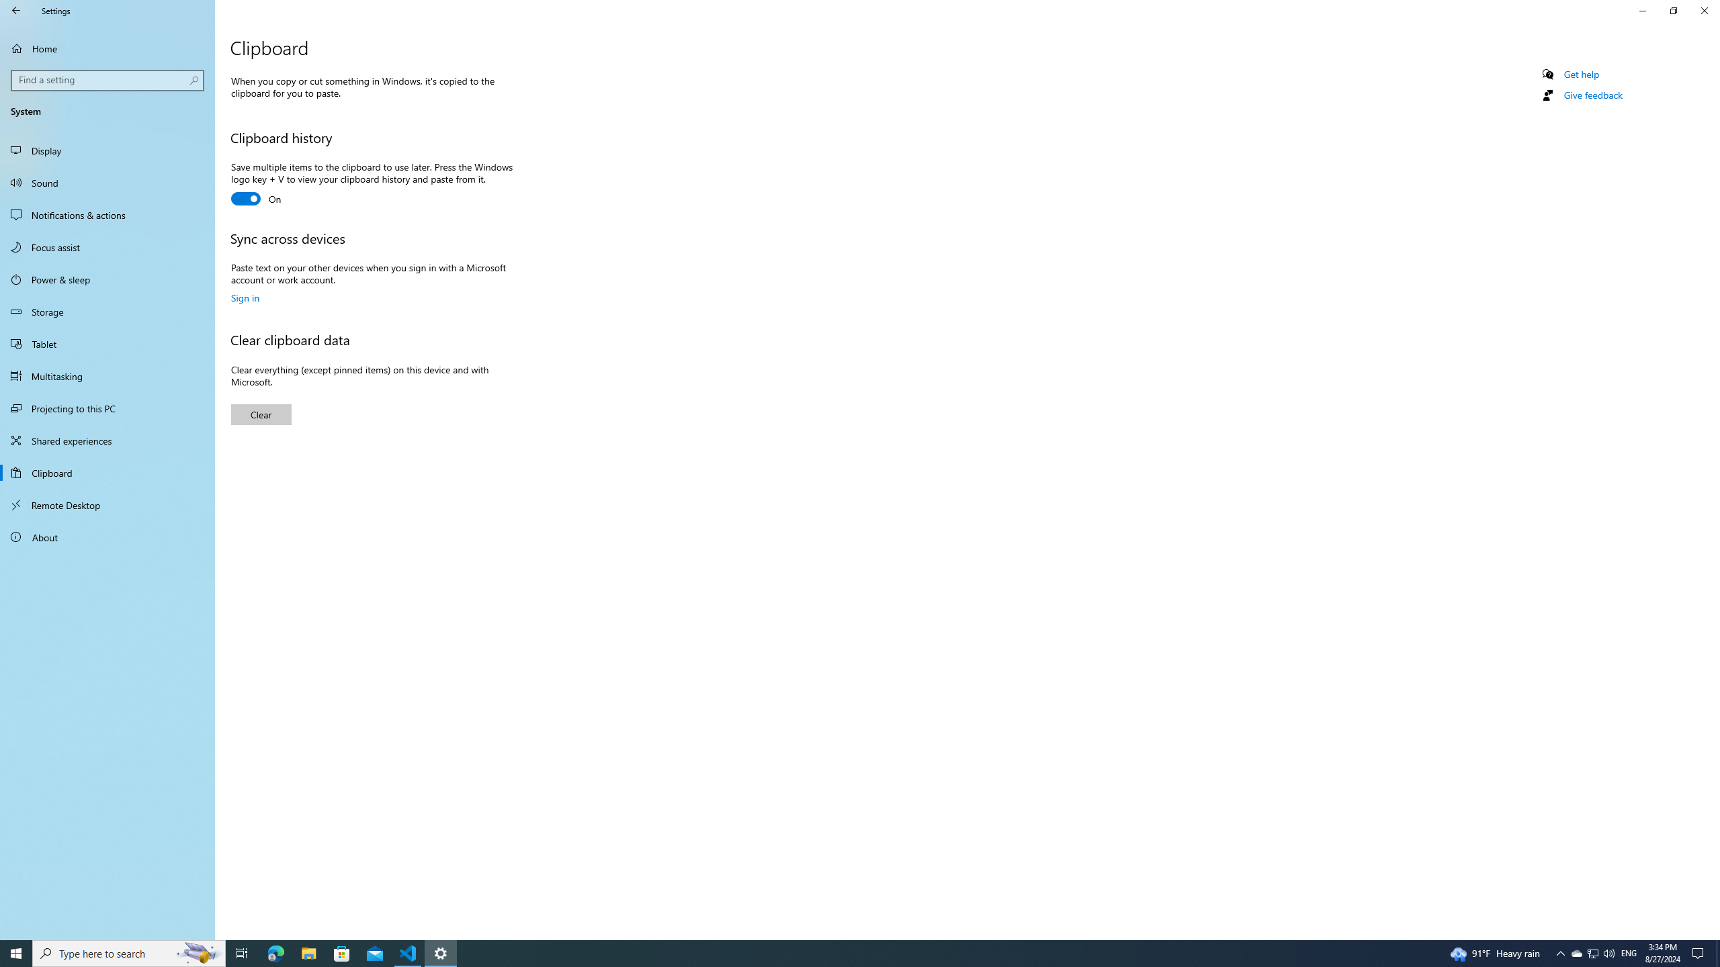 The height and width of the screenshot is (967, 1720). Describe the element at coordinates (107, 536) in the screenshot. I see `'About'` at that location.